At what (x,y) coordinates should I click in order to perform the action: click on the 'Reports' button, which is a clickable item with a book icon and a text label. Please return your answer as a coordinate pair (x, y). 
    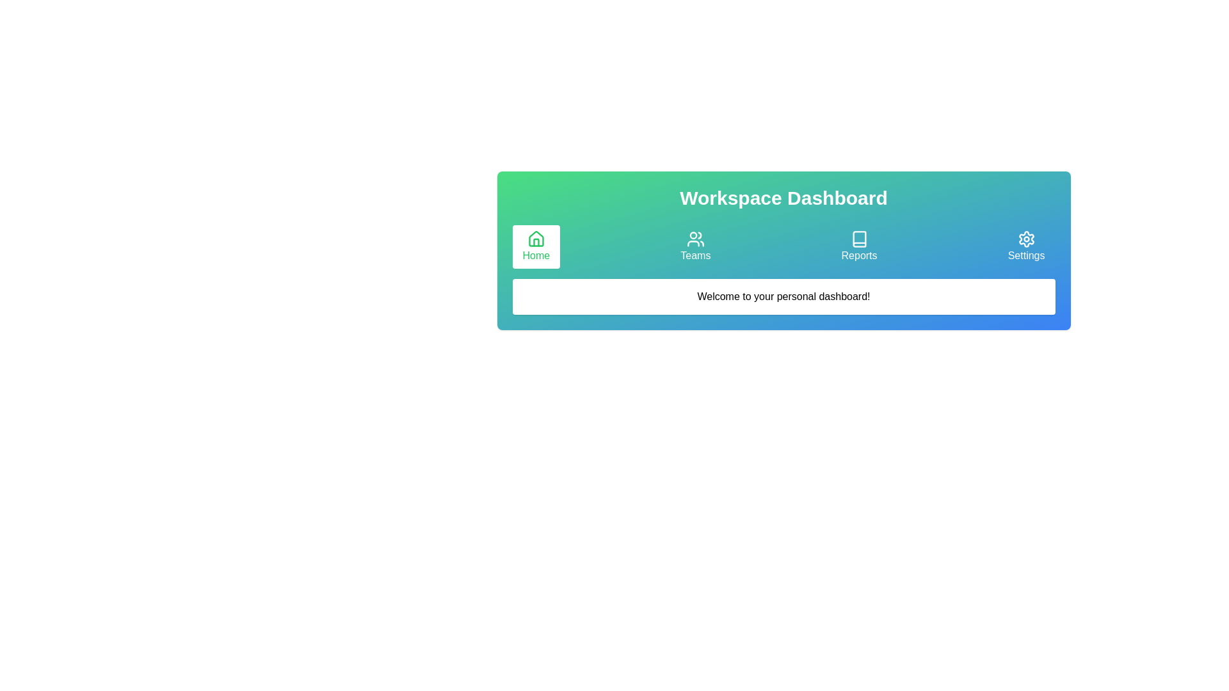
    Looking at the image, I should click on (859, 246).